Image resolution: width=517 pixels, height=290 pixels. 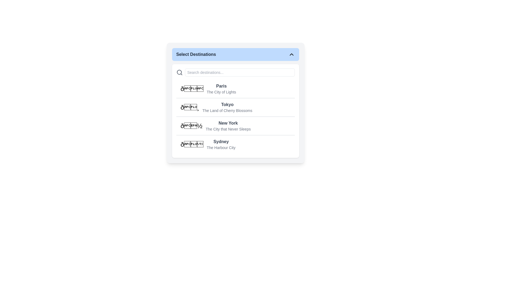 What do you see at coordinates (291, 55) in the screenshot?
I see `the Chevron-Up icon` at bounding box center [291, 55].